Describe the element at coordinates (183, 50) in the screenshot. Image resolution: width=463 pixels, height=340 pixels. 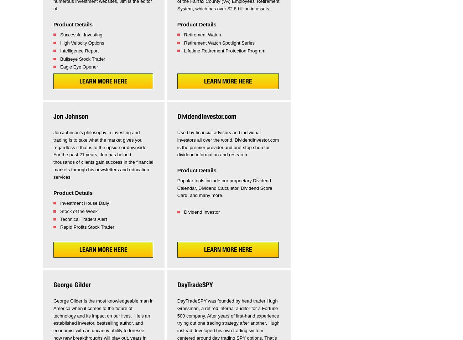
I see `'Lifetime Retirement Protection Program'` at that location.